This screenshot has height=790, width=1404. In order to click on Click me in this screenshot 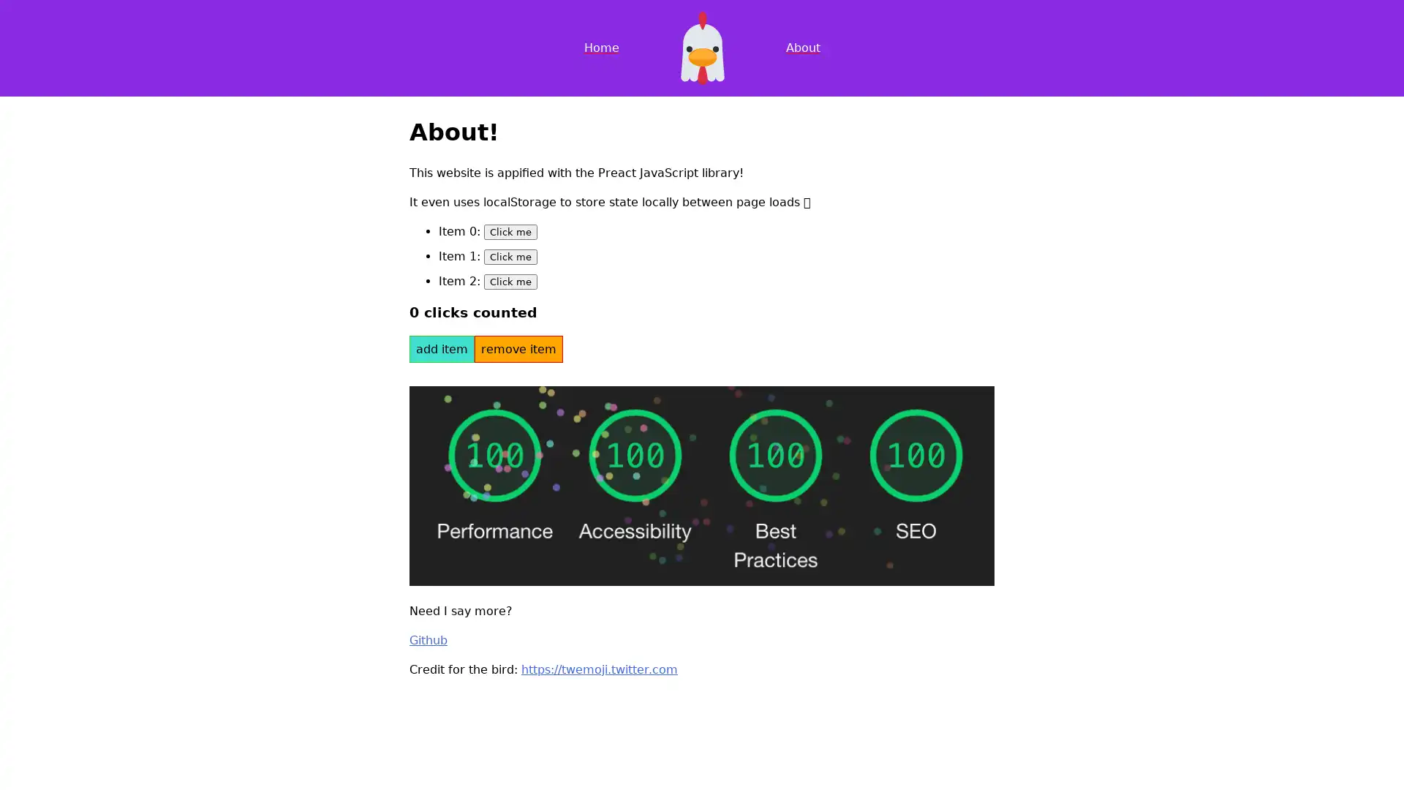, I will do `click(510, 256)`.